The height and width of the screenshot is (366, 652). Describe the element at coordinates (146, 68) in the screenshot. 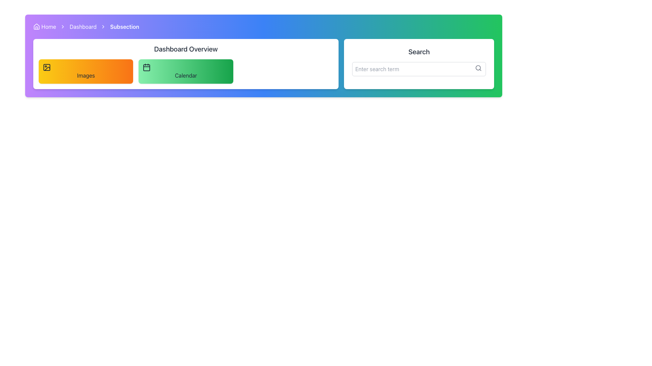

I see `the calendar icon located in the 'Calendar' button under the 'Dashboard Overview' section` at that location.